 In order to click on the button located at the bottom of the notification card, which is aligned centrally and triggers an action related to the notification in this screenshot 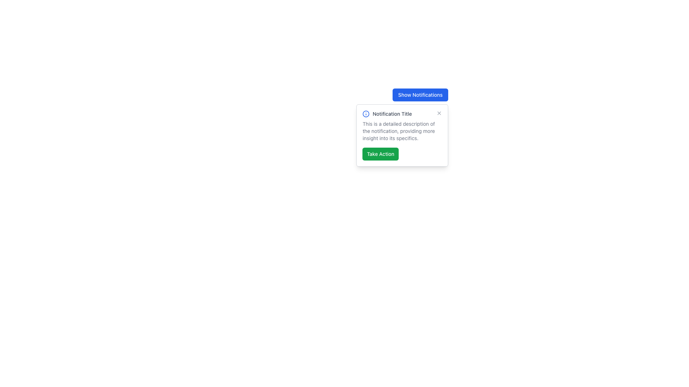, I will do `click(380, 153)`.